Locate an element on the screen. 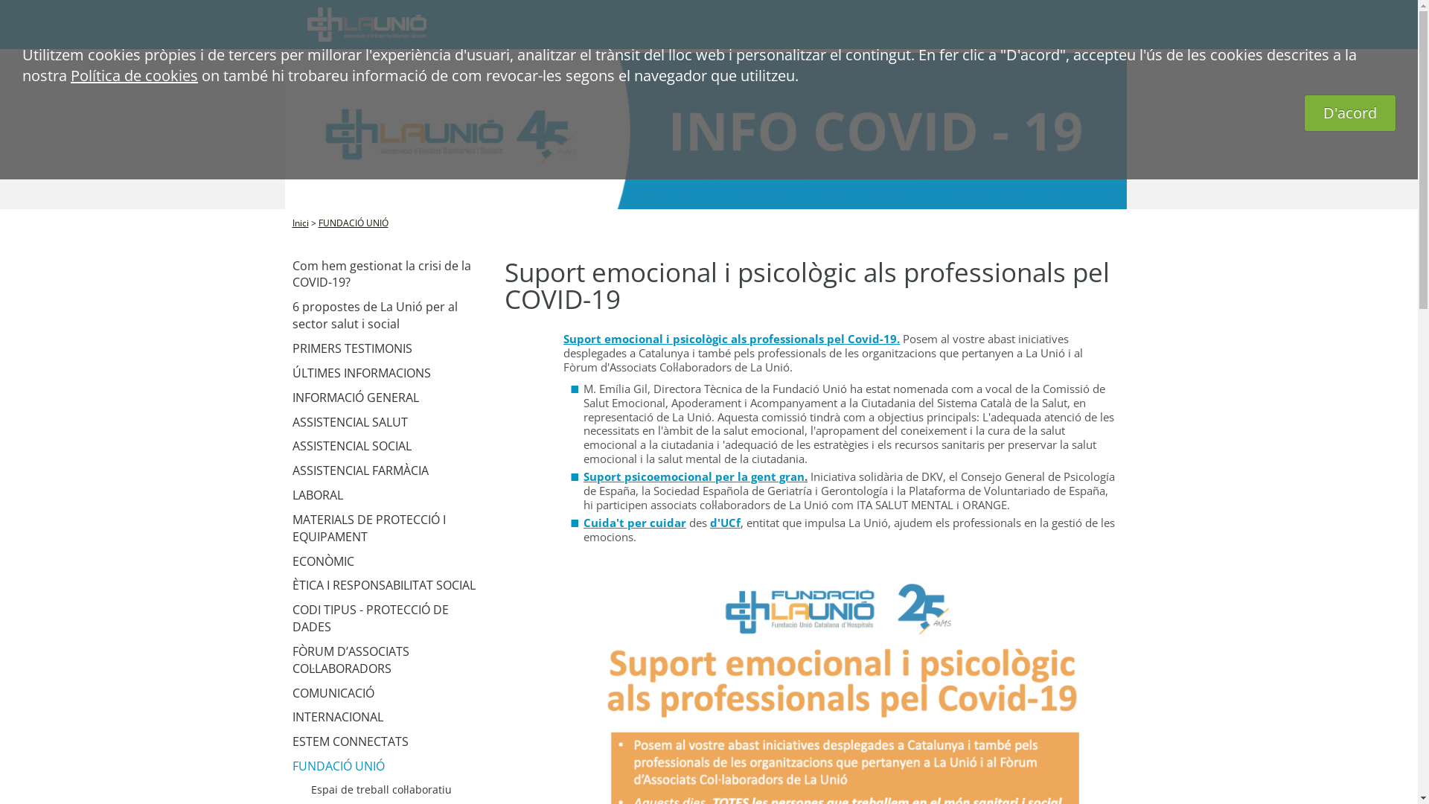 The width and height of the screenshot is (1429, 804). 'd'UCf' is located at coordinates (725, 522).